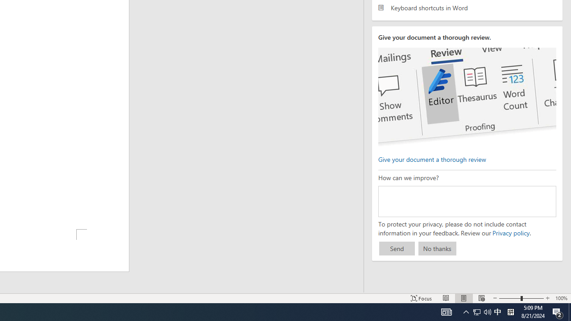  What do you see at coordinates (510, 232) in the screenshot?
I see `'Privacy policy'` at bounding box center [510, 232].